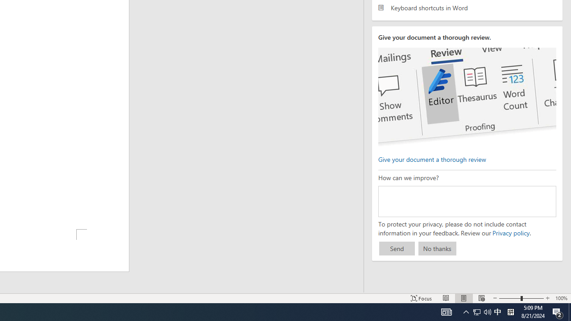  What do you see at coordinates (510, 232) in the screenshot?
I see `'Privacy policy'` at bounding box center [510, 232].